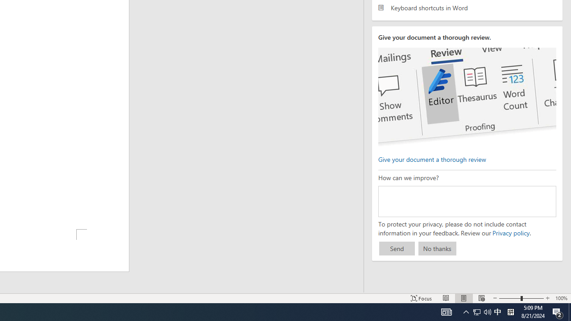  What do you see at coordinates (510, 232) in the screenshot?
I see `'Privacy policy'` at bounding box center [510, 232].